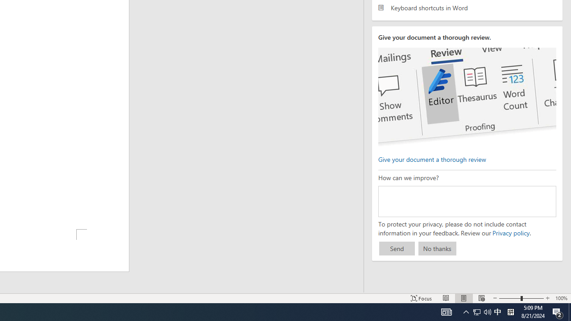  What do you see at coordinates (510, 232) in the screenshot?
I see `'Privacy policy'` at bounding box center [510, 232].